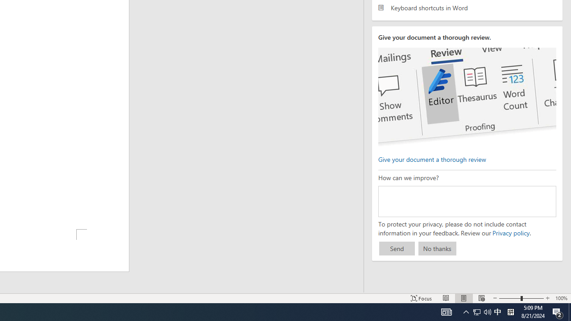  What do you see at coordinates (510, 232) in the screenshot?
I see `'Privacy policy'` at bounding box center [510, 232].